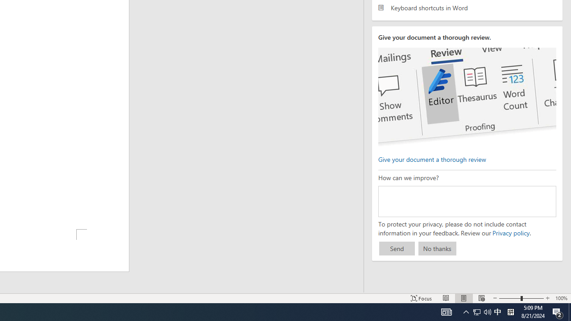  What do you see at coordinates (510, 232) in the screenshot?
I see `'Privacy policy'` at bounding box center [510, 232].